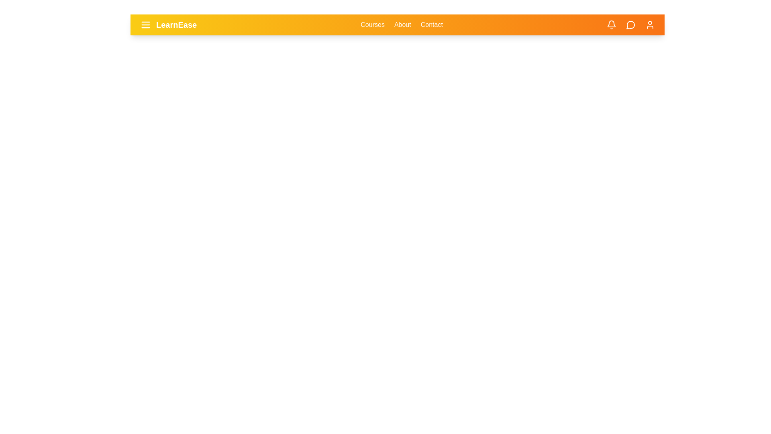 Image resolution: width=771 pixels, height=434 pixels. Describe the element at coordinates (402, 24) in the screenshot. I see `the 'About' link to navigate to the 'About' page` at that location.